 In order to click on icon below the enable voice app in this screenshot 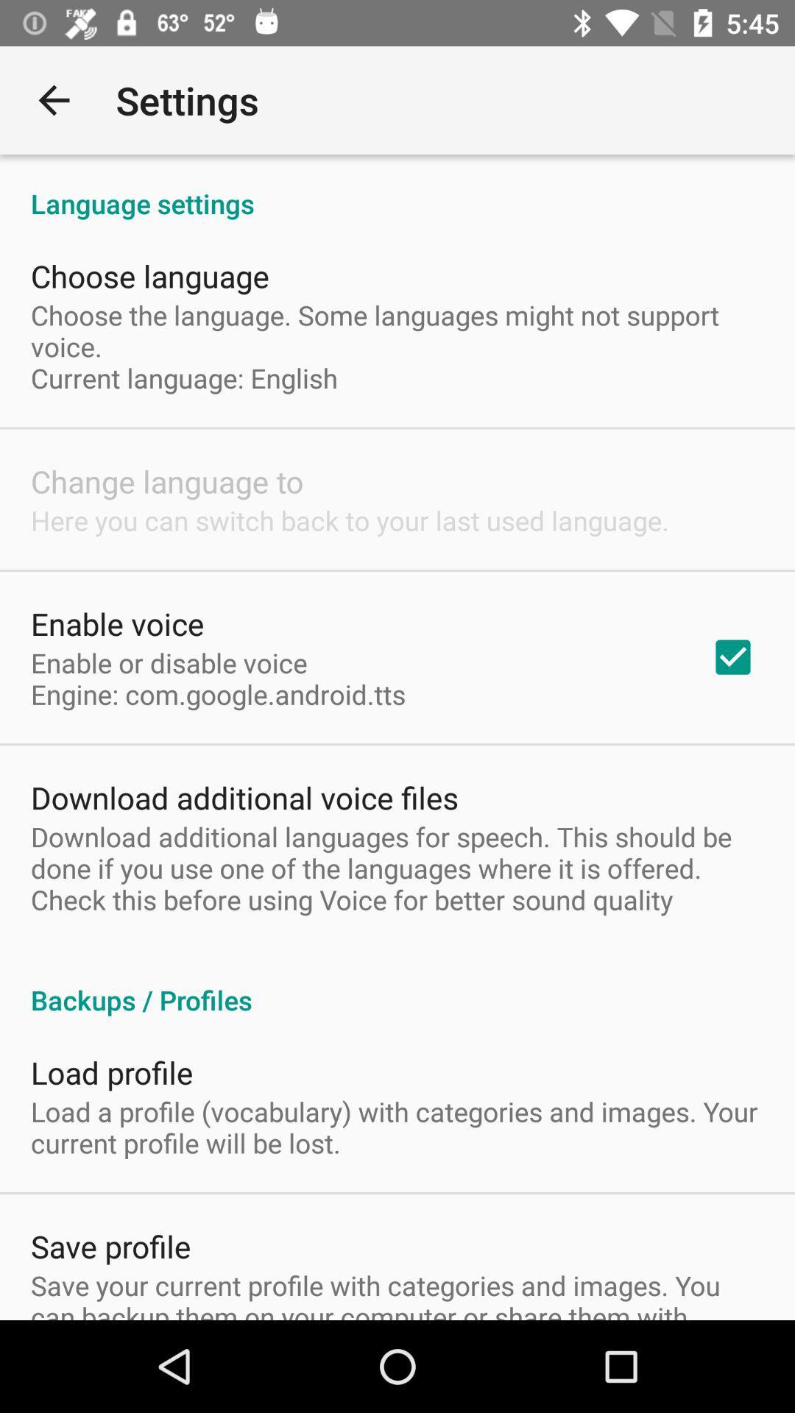, I will do `click(218, 678)`.